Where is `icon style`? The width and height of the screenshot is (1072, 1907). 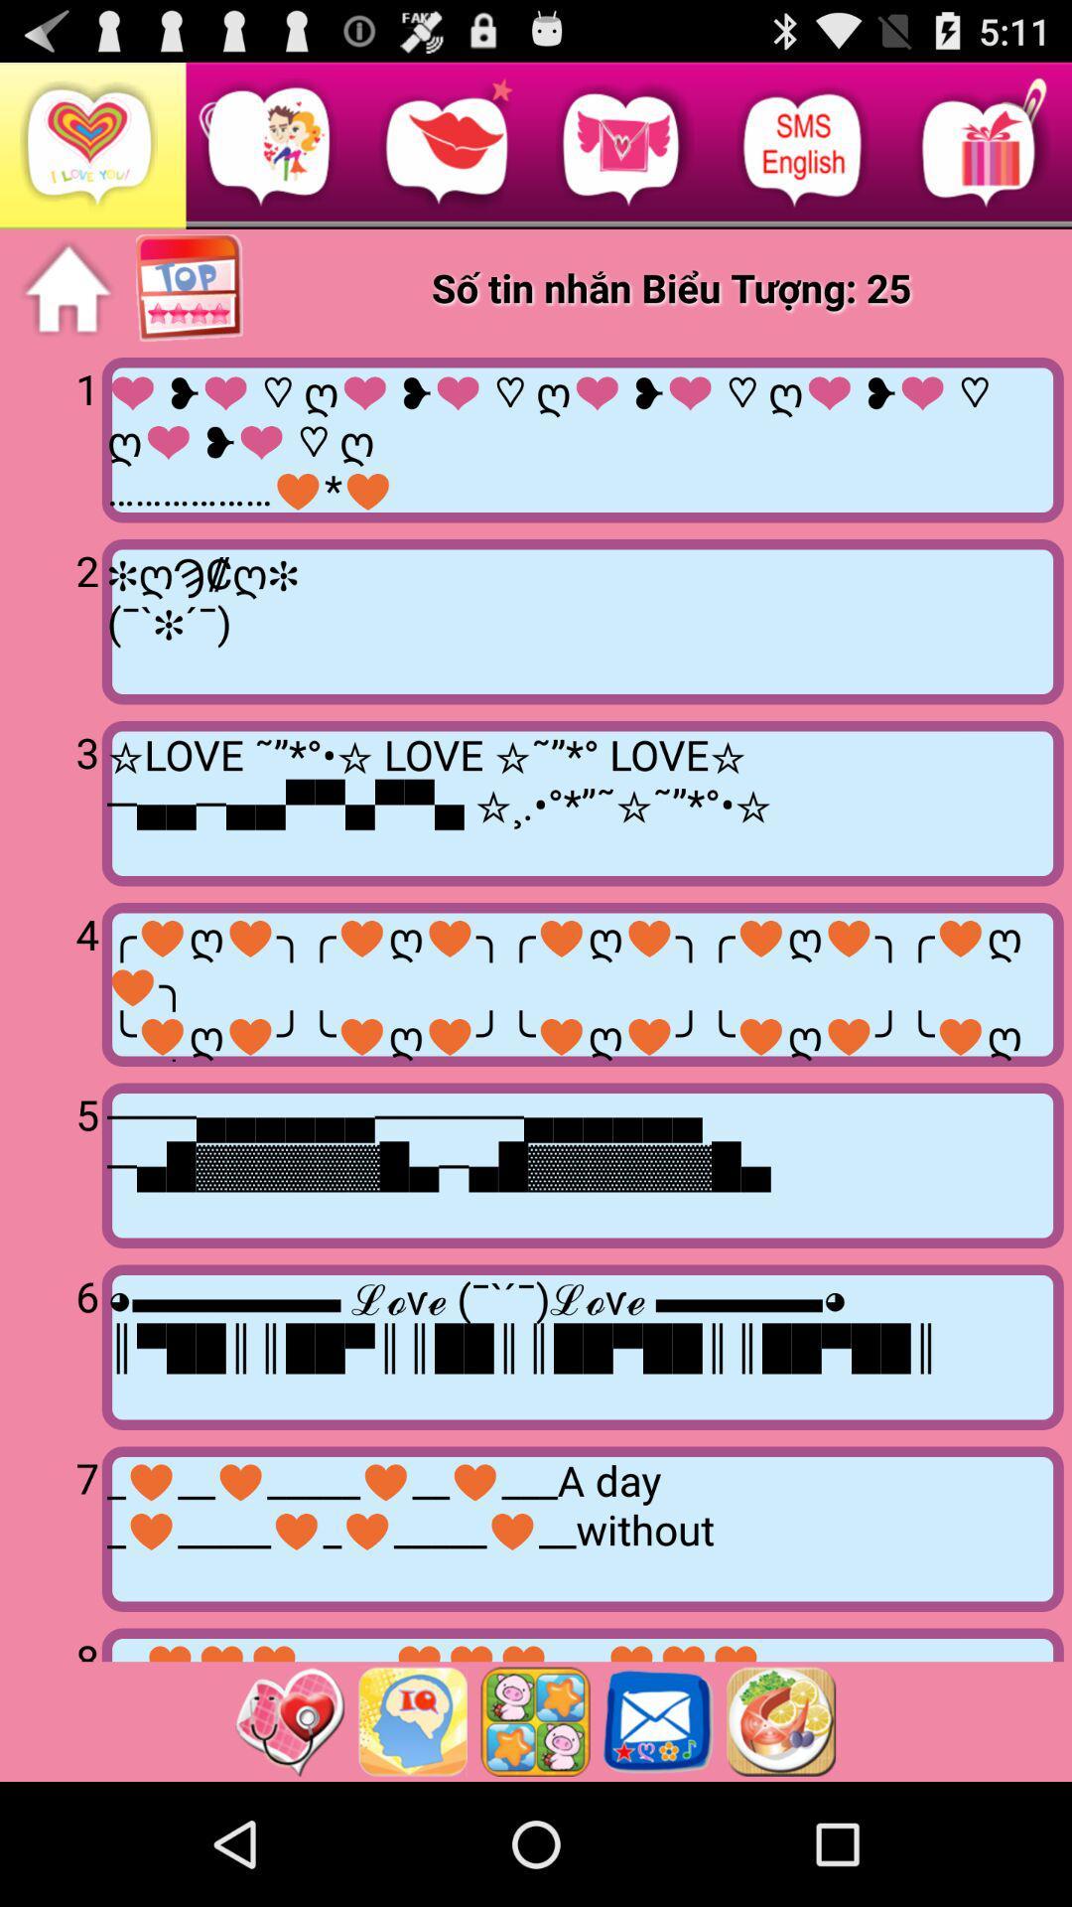 icon style is located at coordinates (534, 1720).